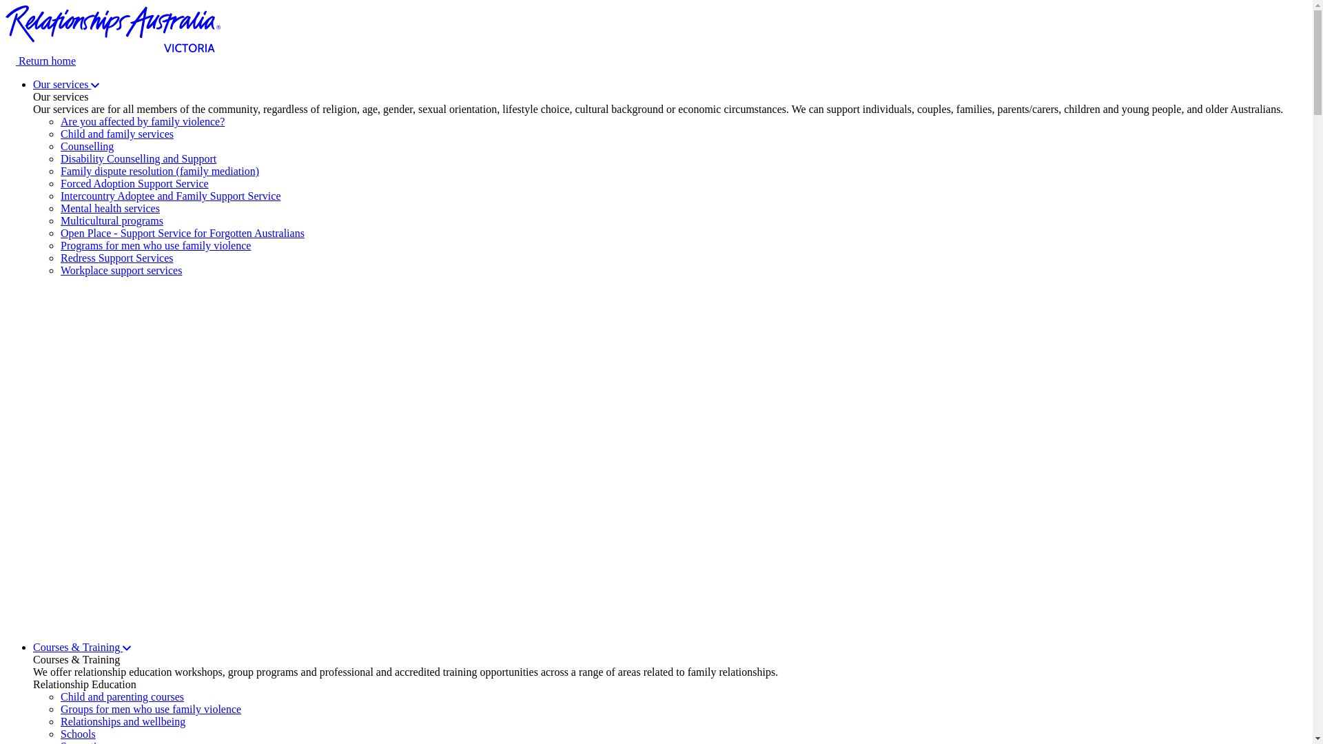  What do you see at coordinates (112, 220) in the screenshot?
I see `'Multicultural programs'` at bounding box center [112, 220].